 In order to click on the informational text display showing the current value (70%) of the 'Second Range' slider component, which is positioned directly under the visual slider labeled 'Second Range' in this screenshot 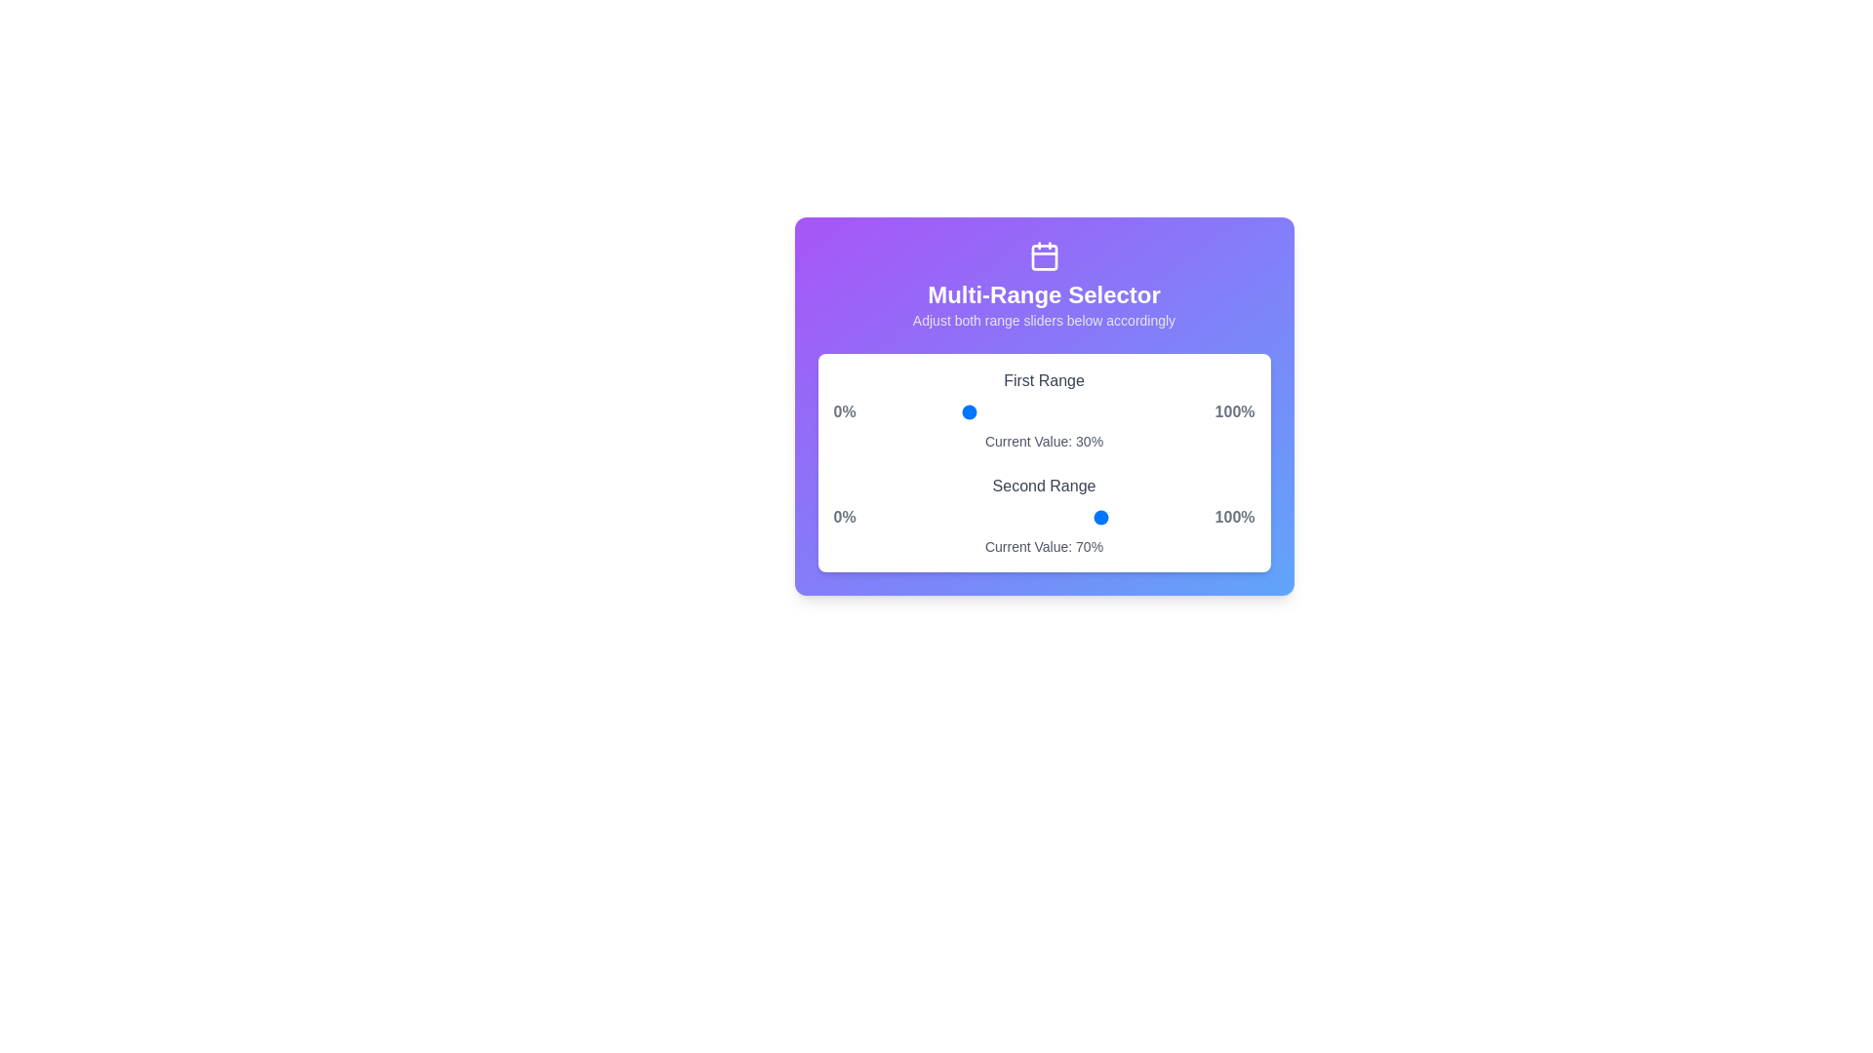, I will do `click(1043, 546)`.